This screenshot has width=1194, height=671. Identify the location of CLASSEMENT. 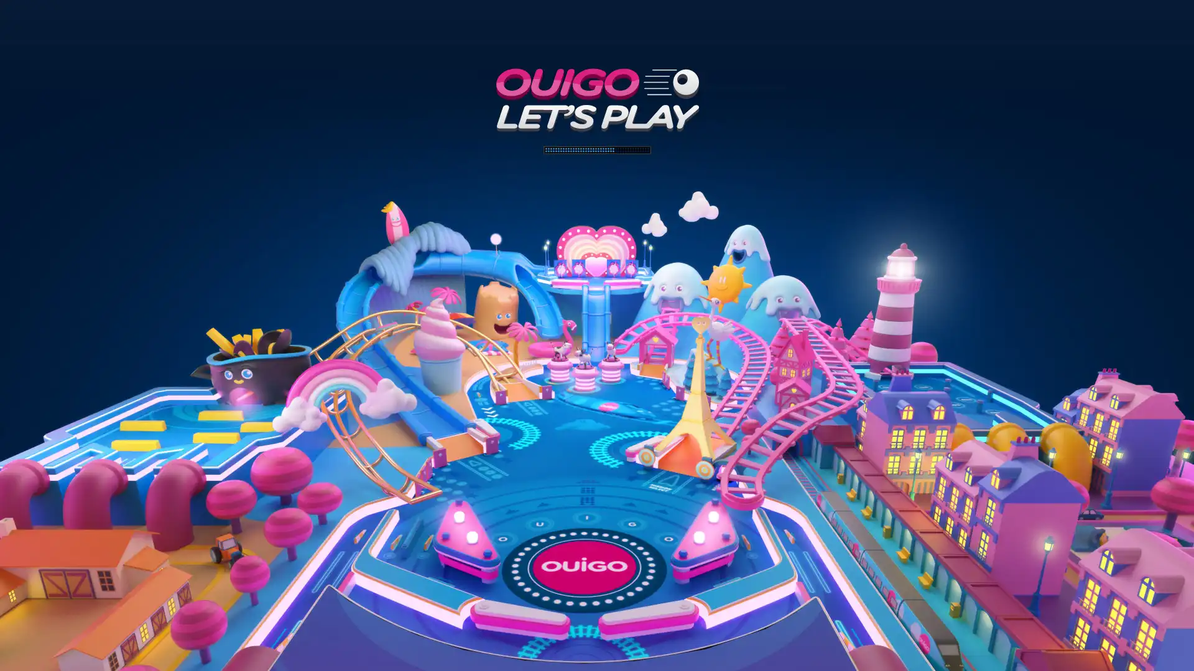
(597, 652).